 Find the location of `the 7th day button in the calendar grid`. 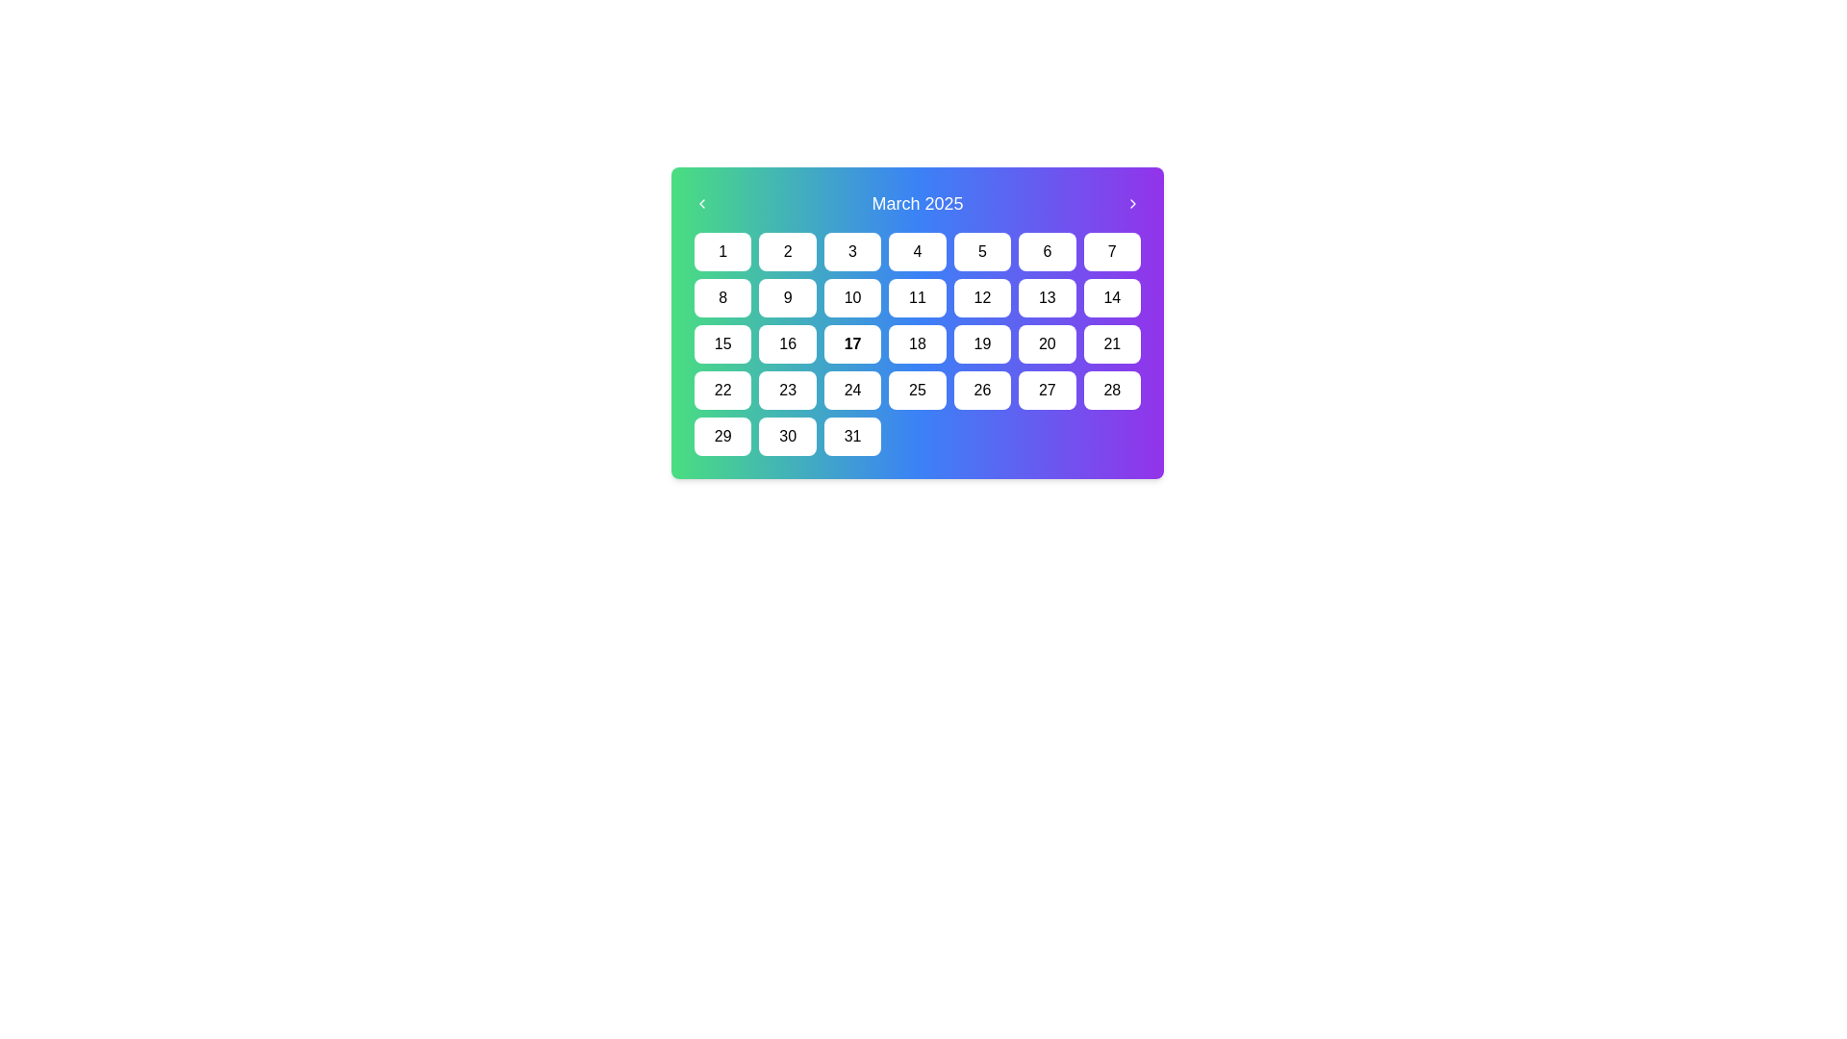

the 7th day button in the calendar grid is located at coordinates (1112, 251).